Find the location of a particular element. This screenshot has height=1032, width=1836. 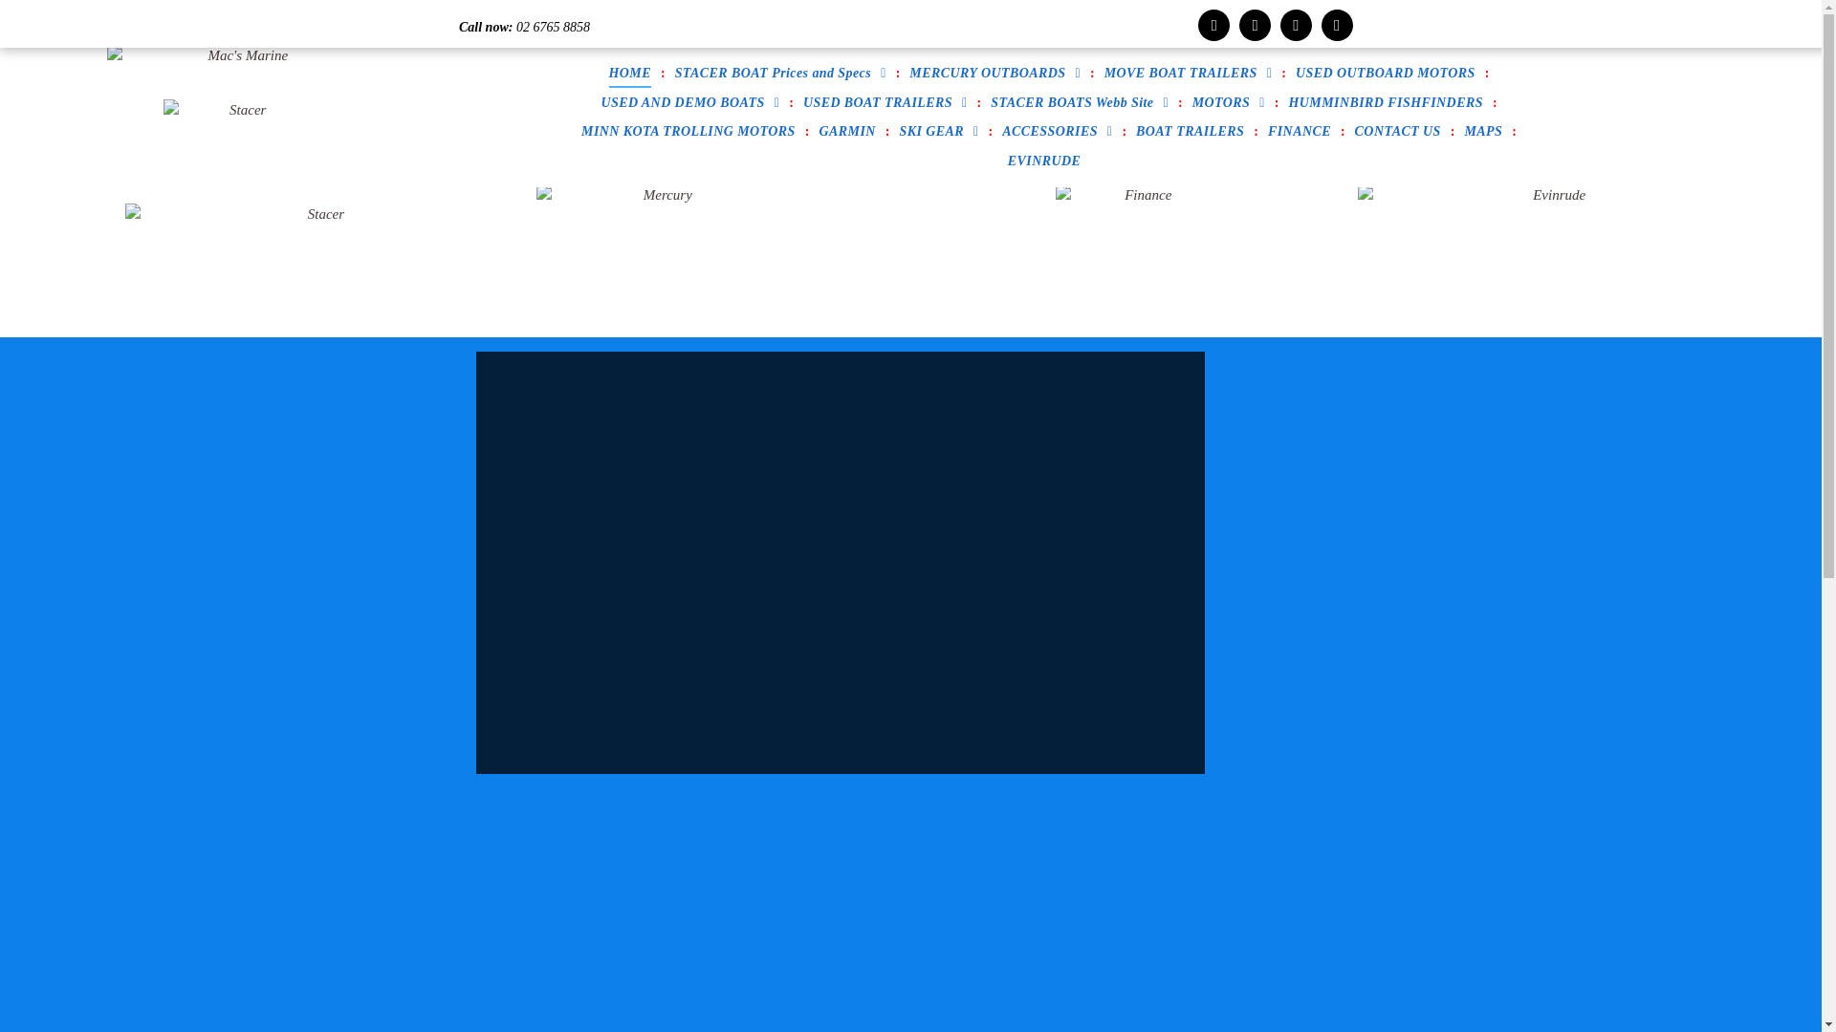

'GARMIN' is located at coordinates (845, 131).